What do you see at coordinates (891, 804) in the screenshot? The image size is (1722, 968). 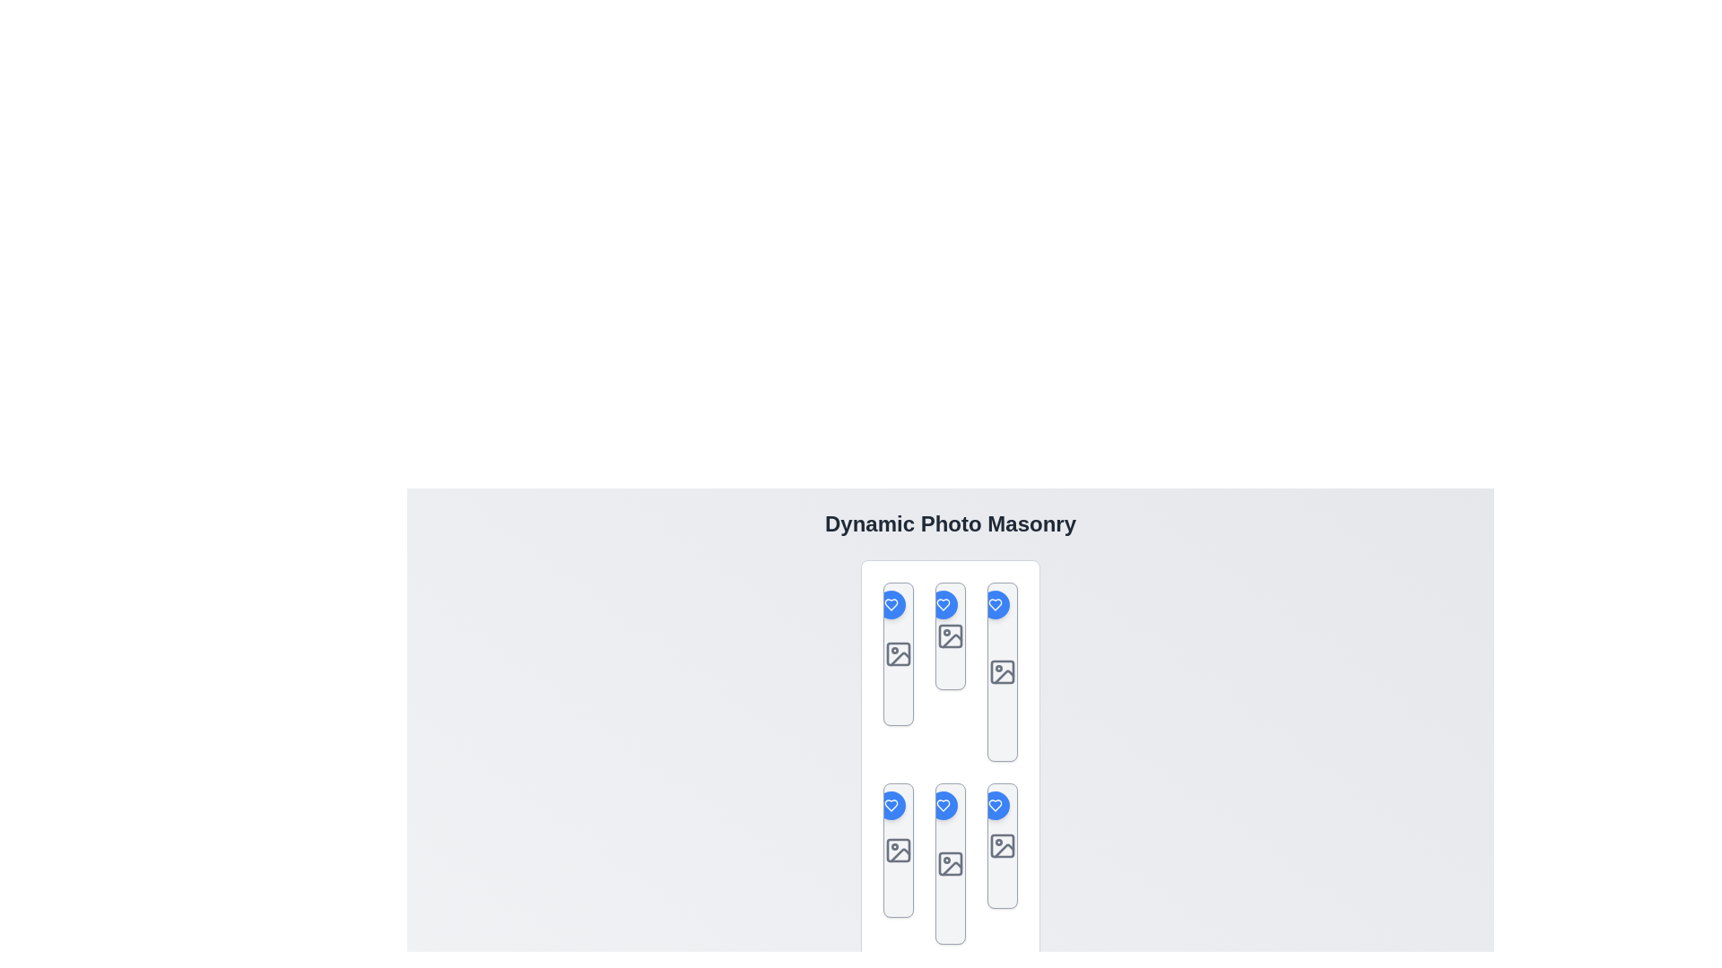 I see `the heart icon located within the rounded blue button at the top-right corner of the card` at bounding box center [891, 804].